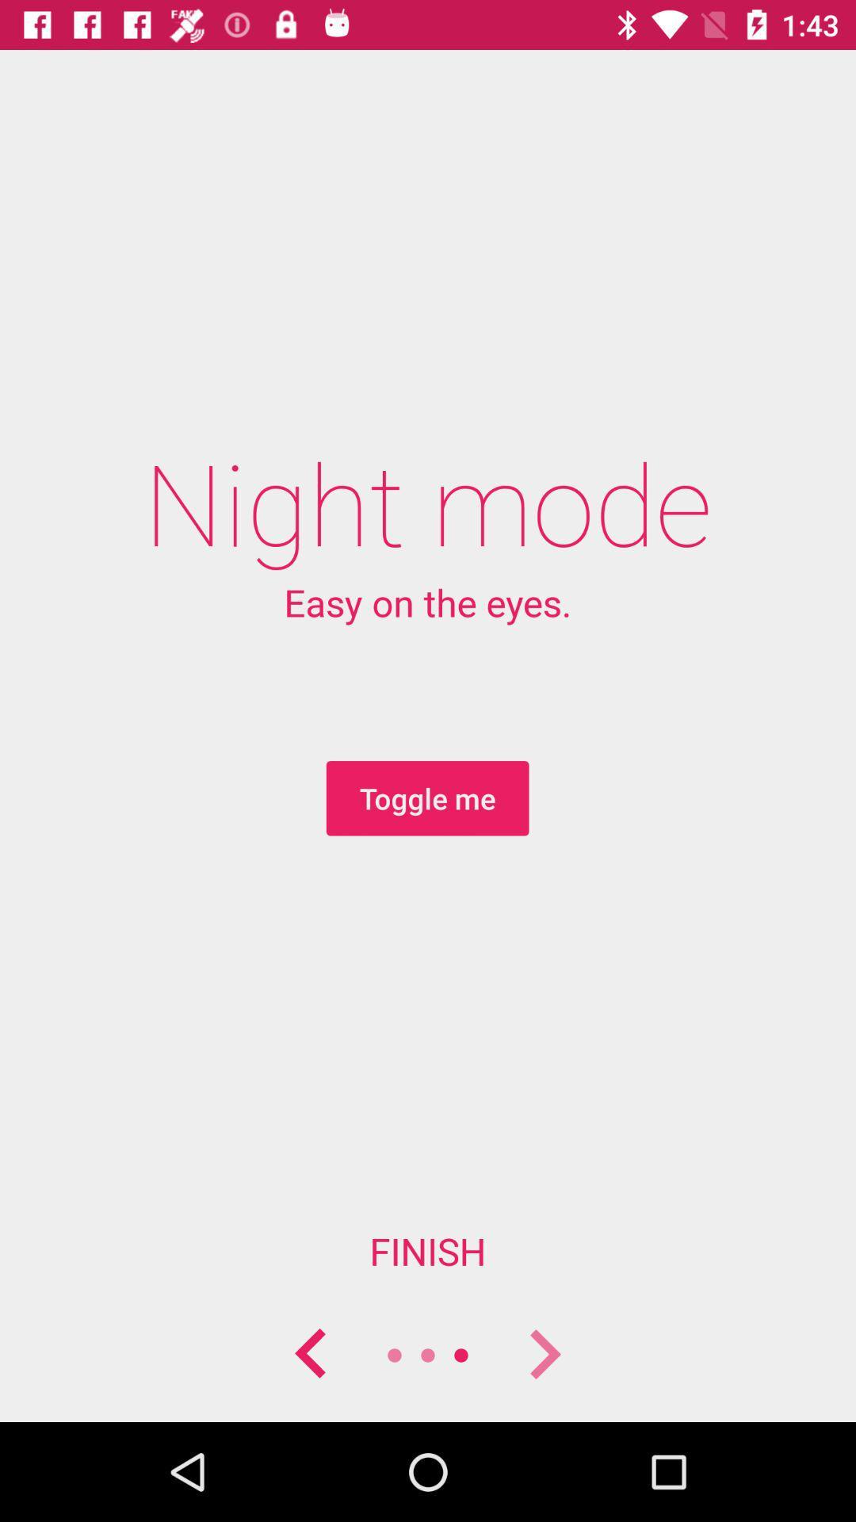 This screenshot has height=1522, width=856. I want to click on back, so click(311, 1354).